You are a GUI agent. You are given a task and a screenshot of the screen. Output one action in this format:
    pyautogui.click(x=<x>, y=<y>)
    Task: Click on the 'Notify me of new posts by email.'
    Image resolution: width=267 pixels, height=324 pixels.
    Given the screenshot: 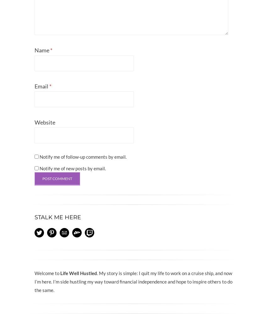 What is the action you would take?
    pyautogui.click(x=73, y=168)
    